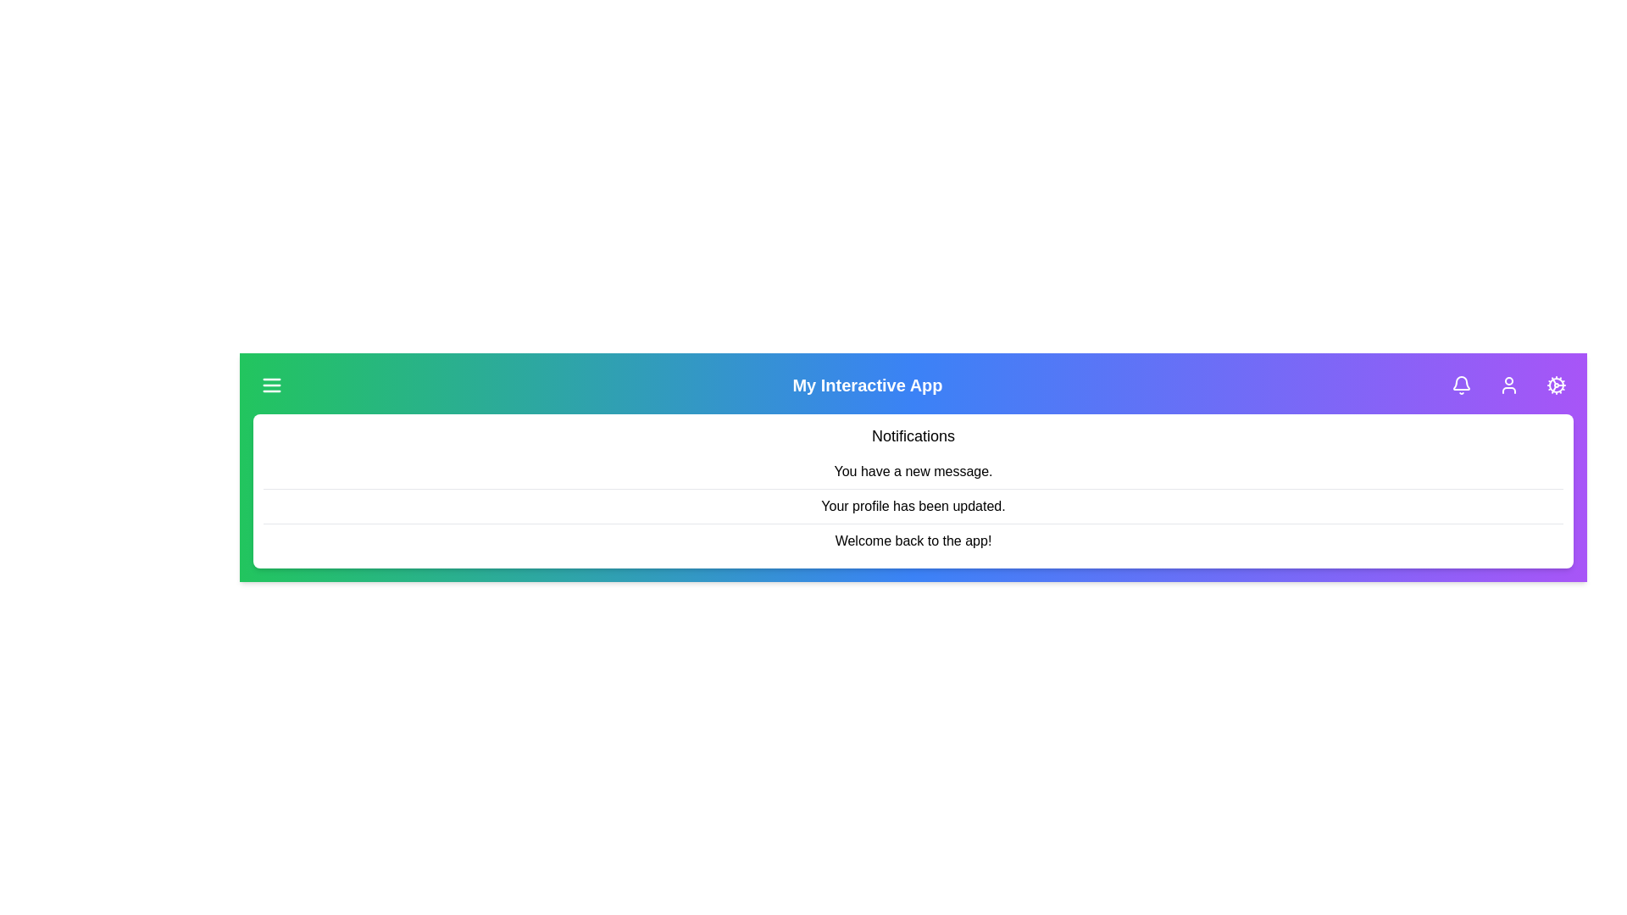  I want to click on the app title 'My Interactive App' to explore potential interactions, so click(867, 385).